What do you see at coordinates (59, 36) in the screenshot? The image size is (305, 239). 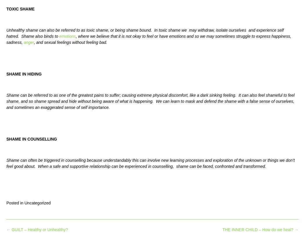 I see `'emotions'` at bounding box center [59, 36].